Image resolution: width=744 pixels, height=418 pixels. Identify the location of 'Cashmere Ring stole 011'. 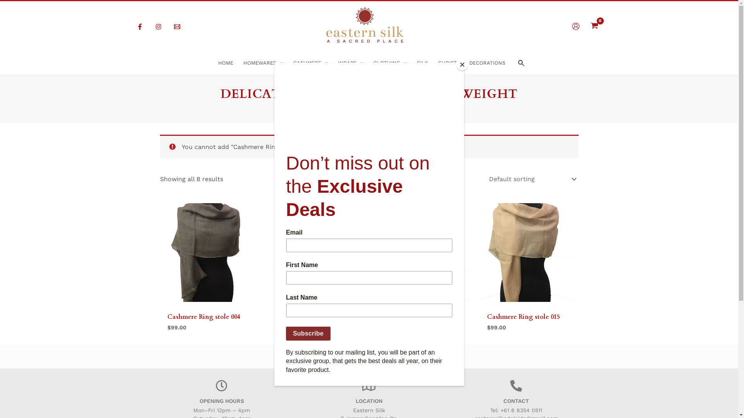
(381, 319).